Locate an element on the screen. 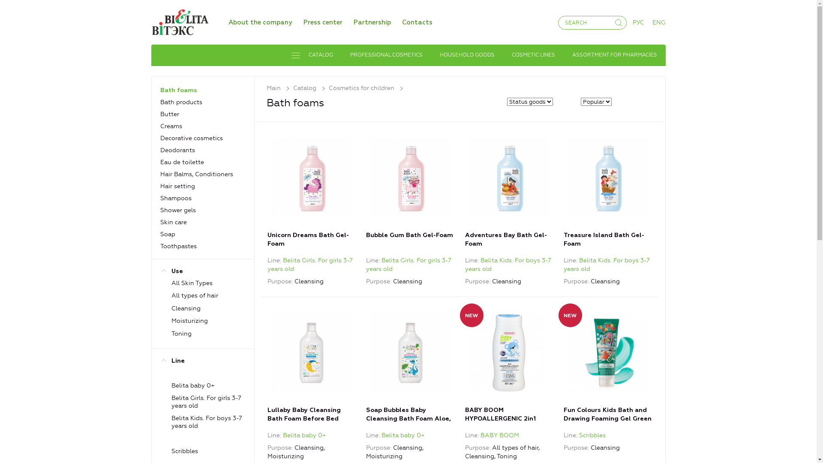  'HOUSEHOLD GOODS' is located at coordinates (466, 55).